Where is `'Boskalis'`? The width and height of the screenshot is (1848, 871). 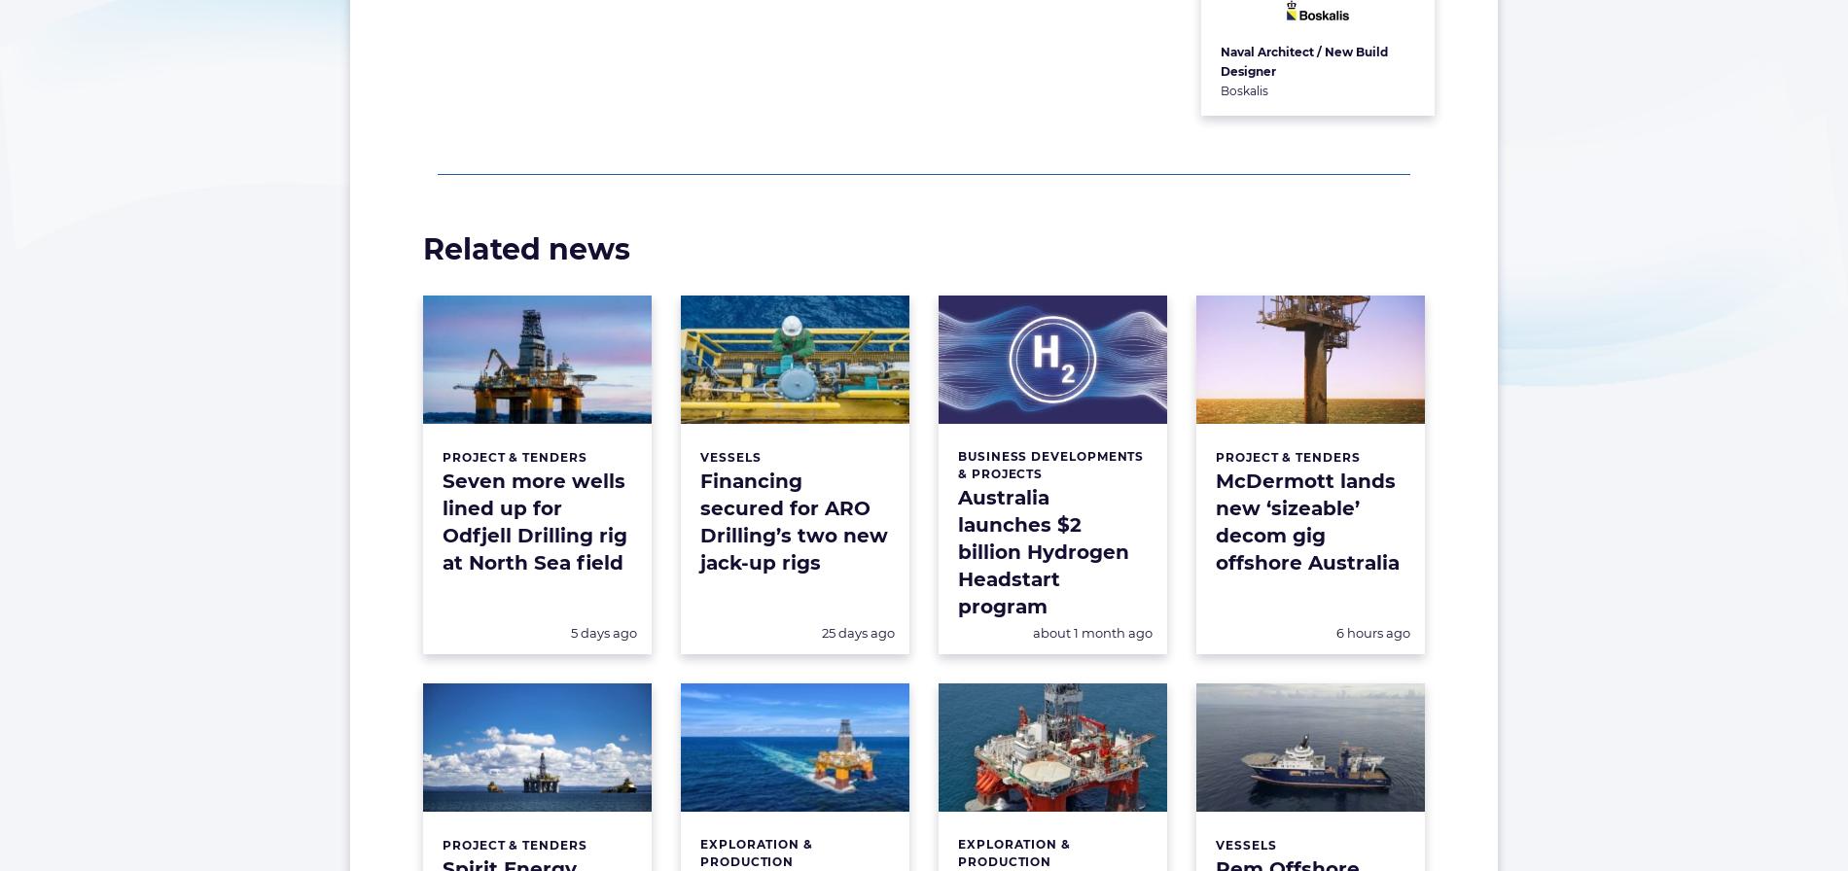 'Boskalis' is located at coordinates (1219, 89).